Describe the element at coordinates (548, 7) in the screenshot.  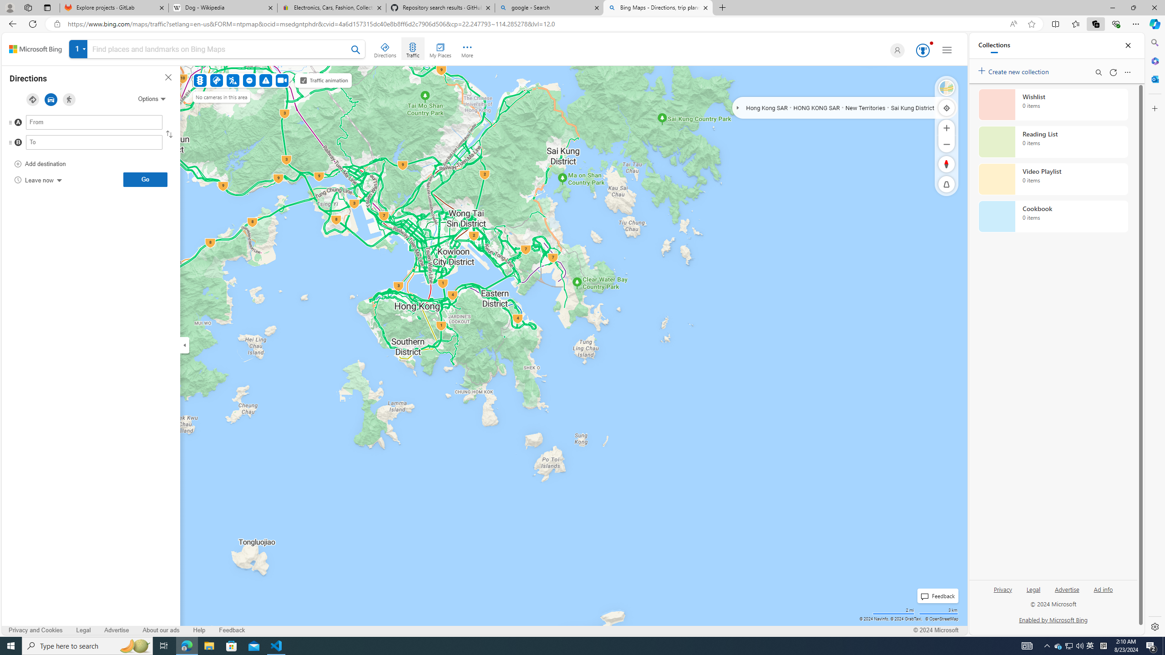
I see `'google - Search'` at that location.